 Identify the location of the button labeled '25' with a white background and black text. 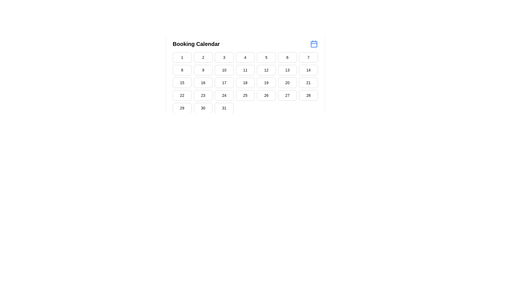
(245, 95).